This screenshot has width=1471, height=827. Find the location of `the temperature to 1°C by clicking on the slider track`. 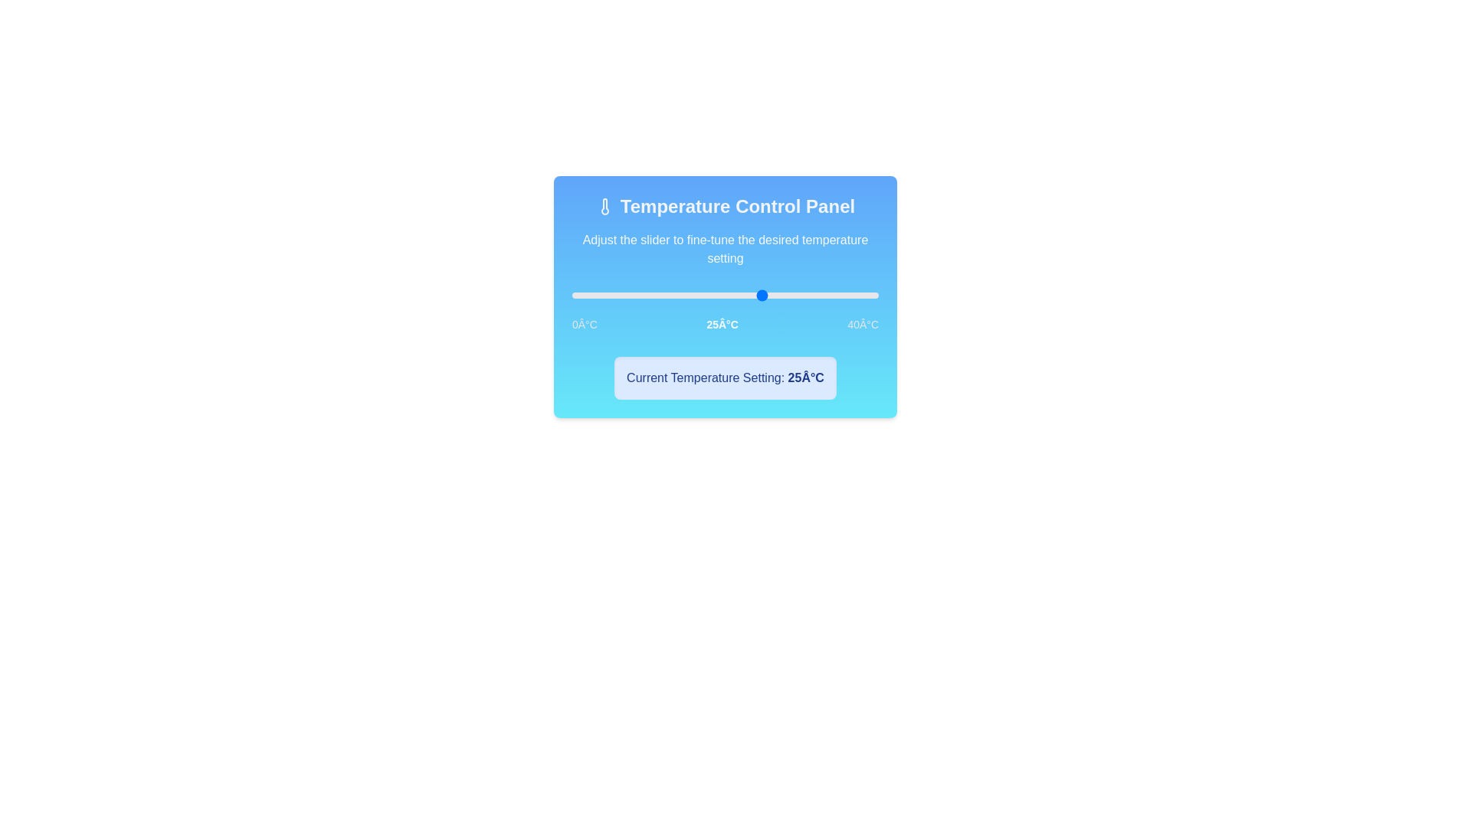

the temperature to 1°C by clicking on the slider track is located at coordinates (579, 295).